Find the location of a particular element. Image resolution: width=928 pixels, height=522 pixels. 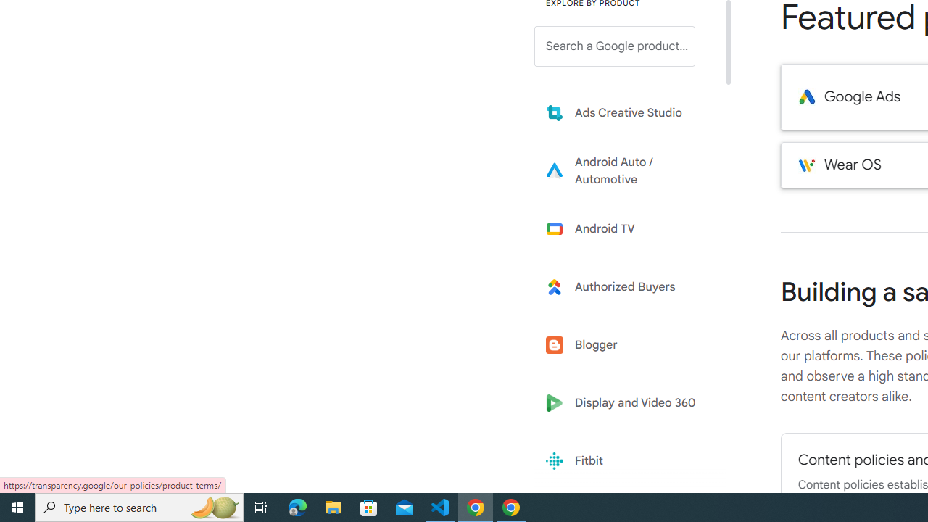

'Learn more about Android Auto' is located at coordinates (625, 170).